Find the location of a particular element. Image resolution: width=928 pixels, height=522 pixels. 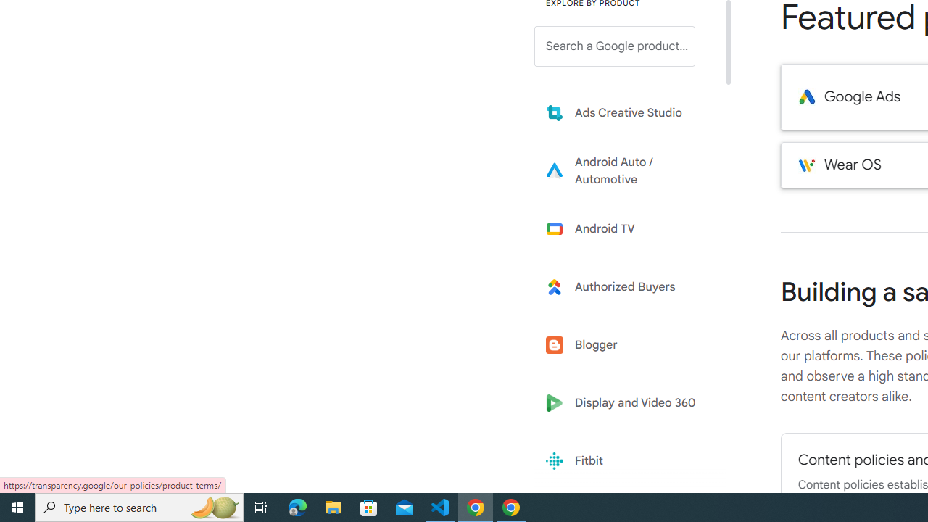

'Learn more about Android Auto' is located at coordinates (625, 170).